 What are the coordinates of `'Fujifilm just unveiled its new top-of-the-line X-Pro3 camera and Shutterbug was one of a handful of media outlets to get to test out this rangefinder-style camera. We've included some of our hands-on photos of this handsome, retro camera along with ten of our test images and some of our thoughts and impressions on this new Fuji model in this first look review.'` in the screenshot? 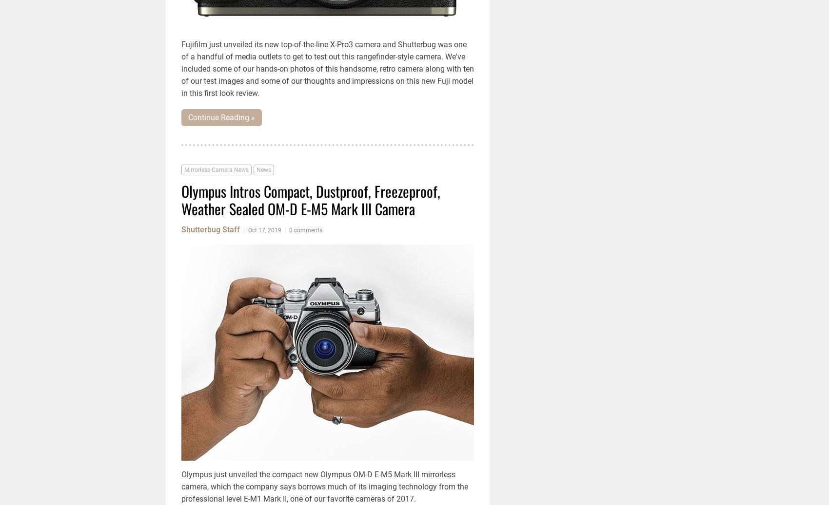 It's located at (328, 68).